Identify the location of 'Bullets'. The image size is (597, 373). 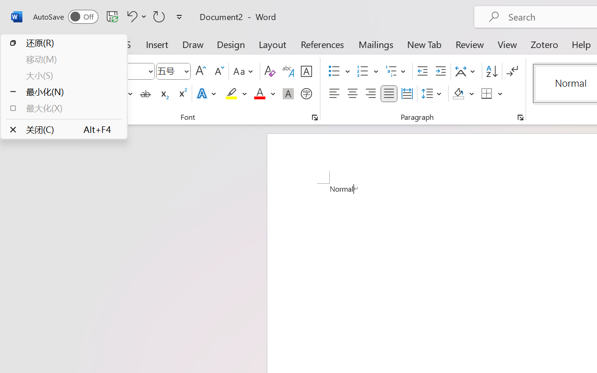
(334, 71).